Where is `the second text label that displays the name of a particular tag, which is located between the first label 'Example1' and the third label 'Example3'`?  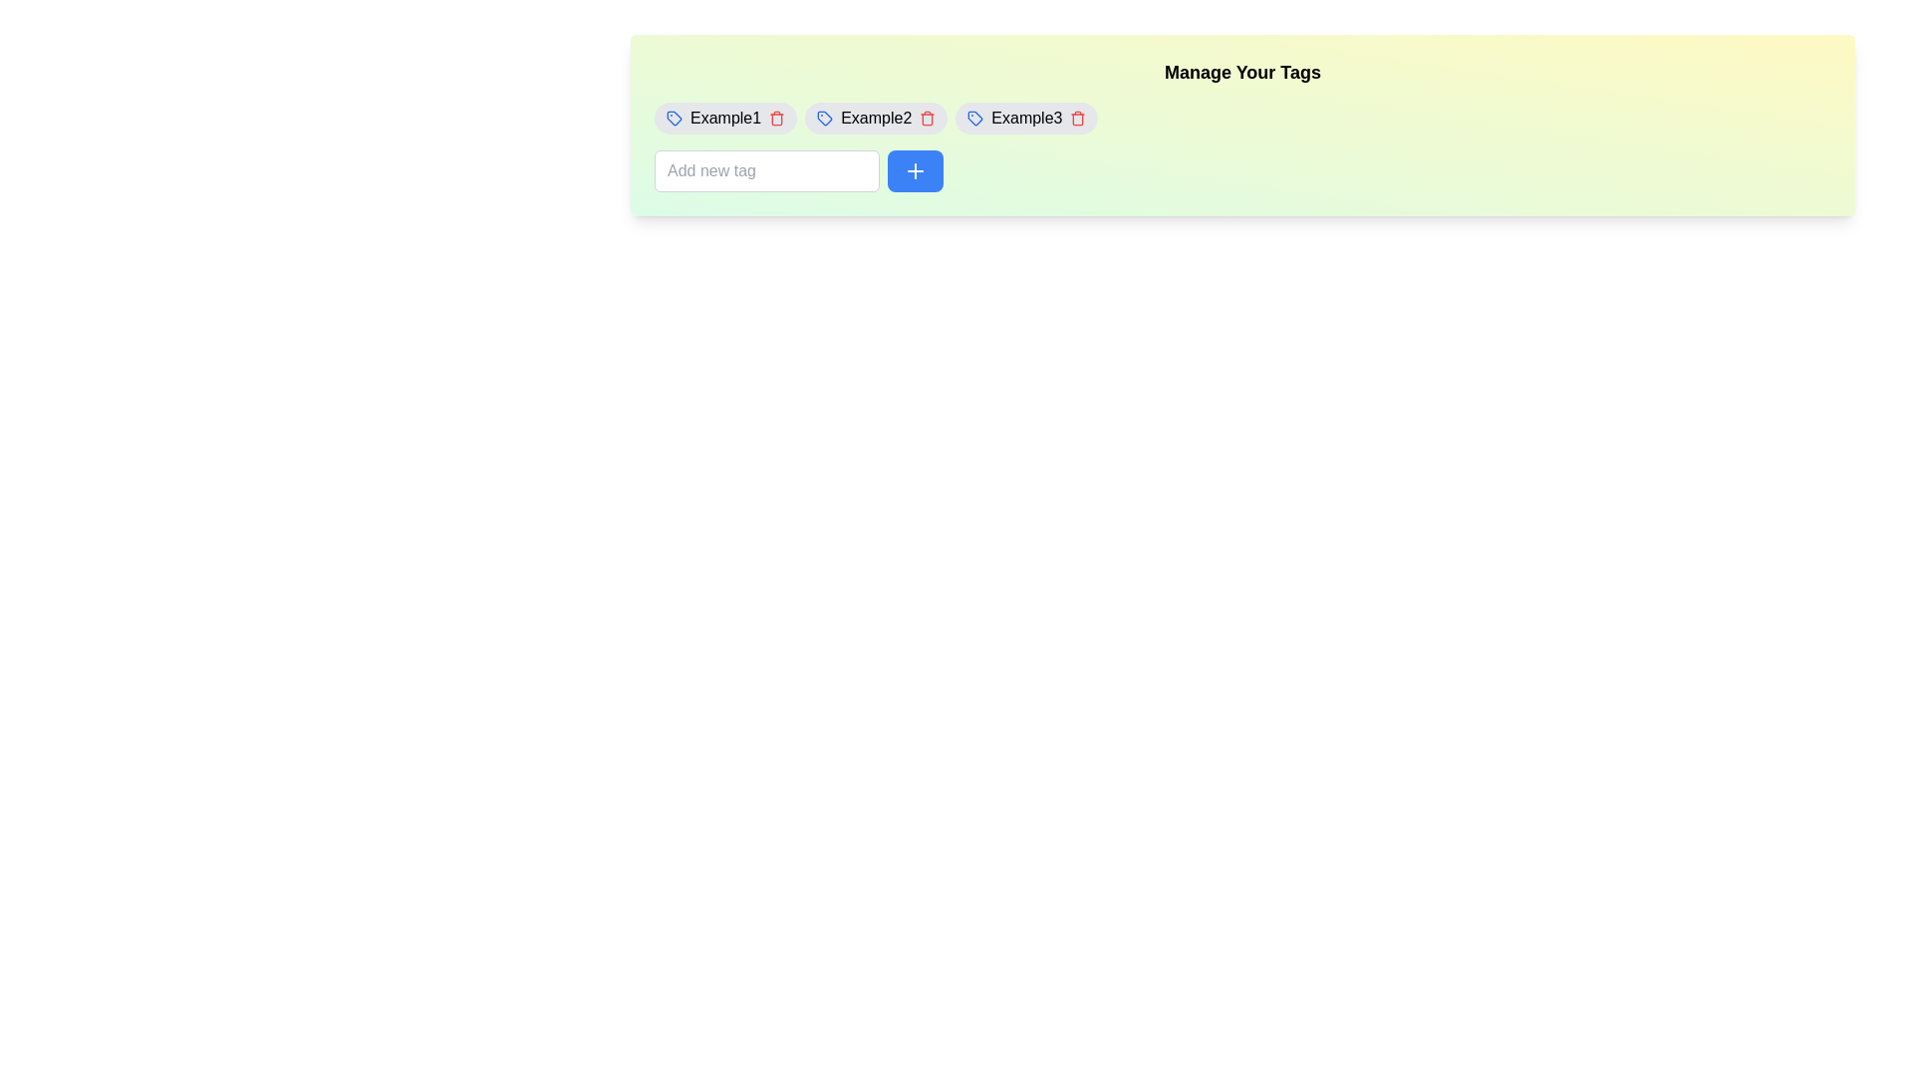
the second text label that displays the name of a particular tag, which is located between the first label 'Example1' and the third label 'Example3' is located at coordinates (876, 119).